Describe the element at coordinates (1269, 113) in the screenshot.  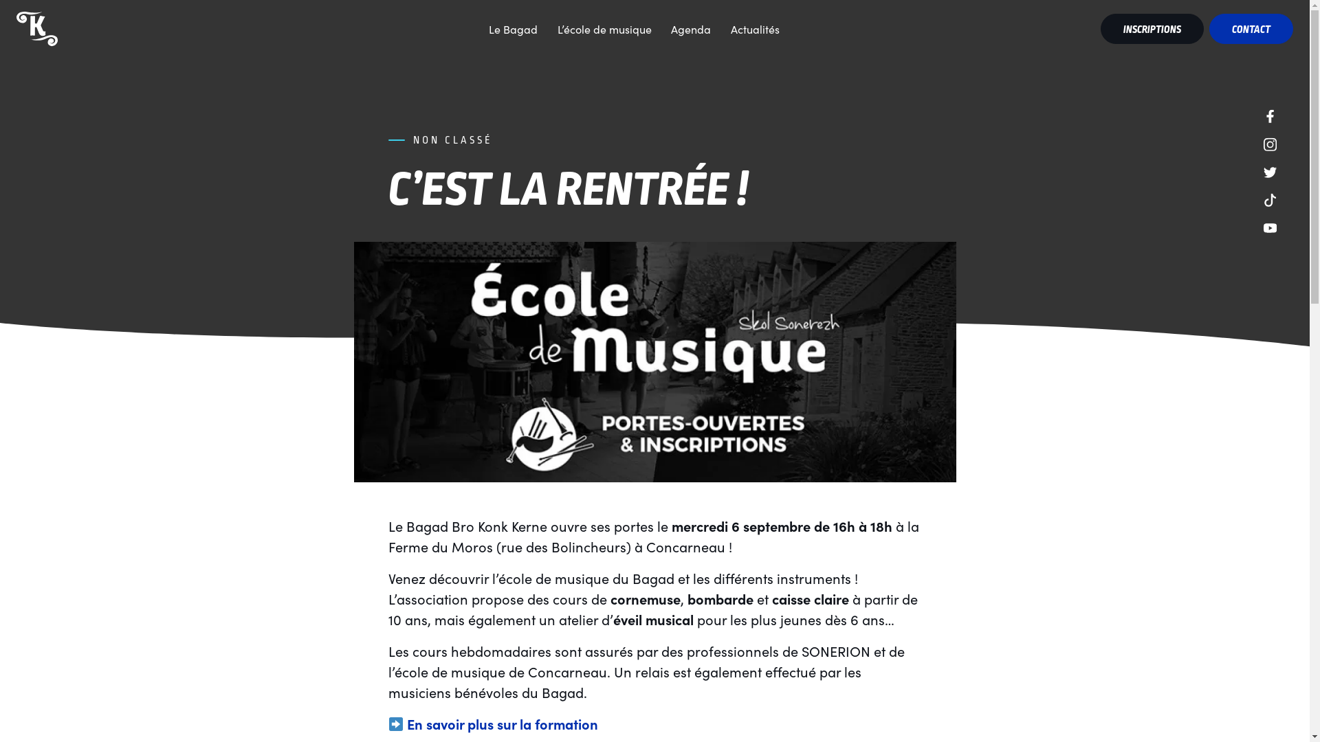
I see `'Facebook'` at that location.